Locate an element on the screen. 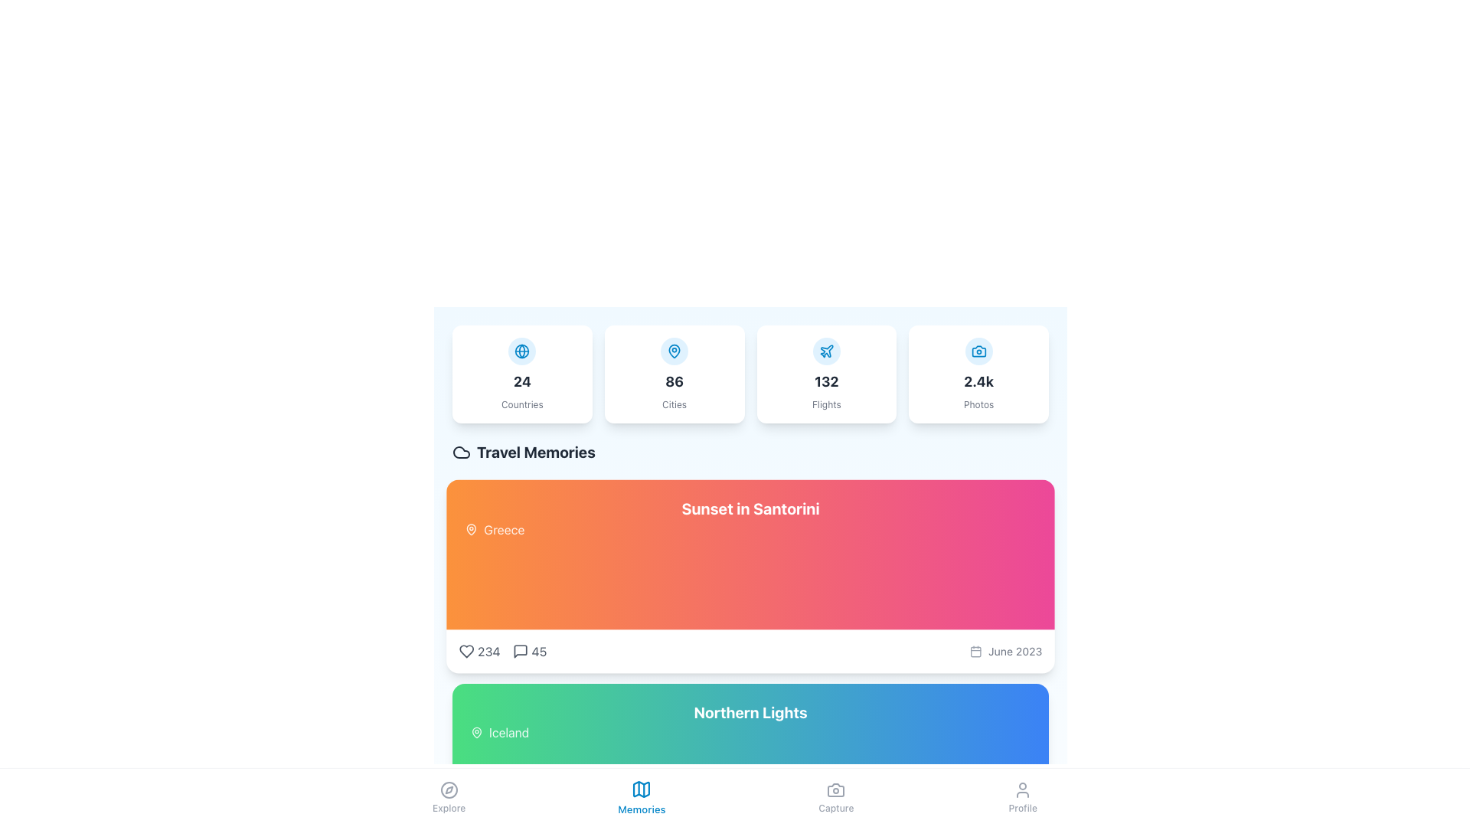 The image size is (1470, 827). the blue globe icon located at the top left corner of the first information card is located at coordinates (522, 351).